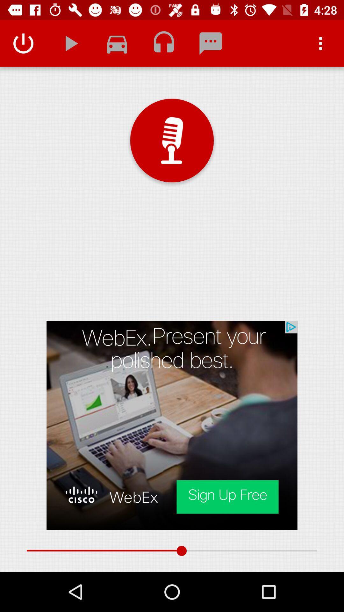 The height and width of the screenshot is (612, 344). I want to click on the chat icon, so click(211, 43).